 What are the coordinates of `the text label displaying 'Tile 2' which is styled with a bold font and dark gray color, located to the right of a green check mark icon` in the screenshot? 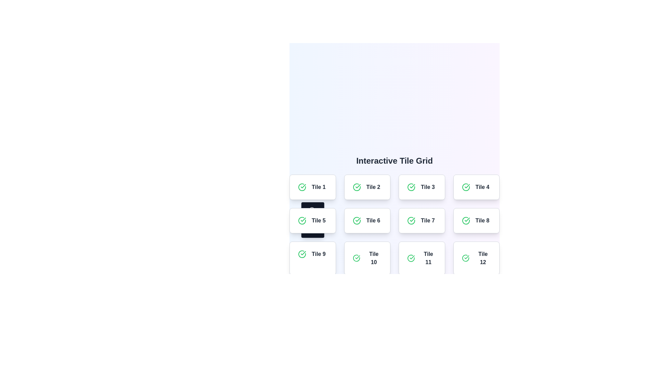 It's located at (373, 187).